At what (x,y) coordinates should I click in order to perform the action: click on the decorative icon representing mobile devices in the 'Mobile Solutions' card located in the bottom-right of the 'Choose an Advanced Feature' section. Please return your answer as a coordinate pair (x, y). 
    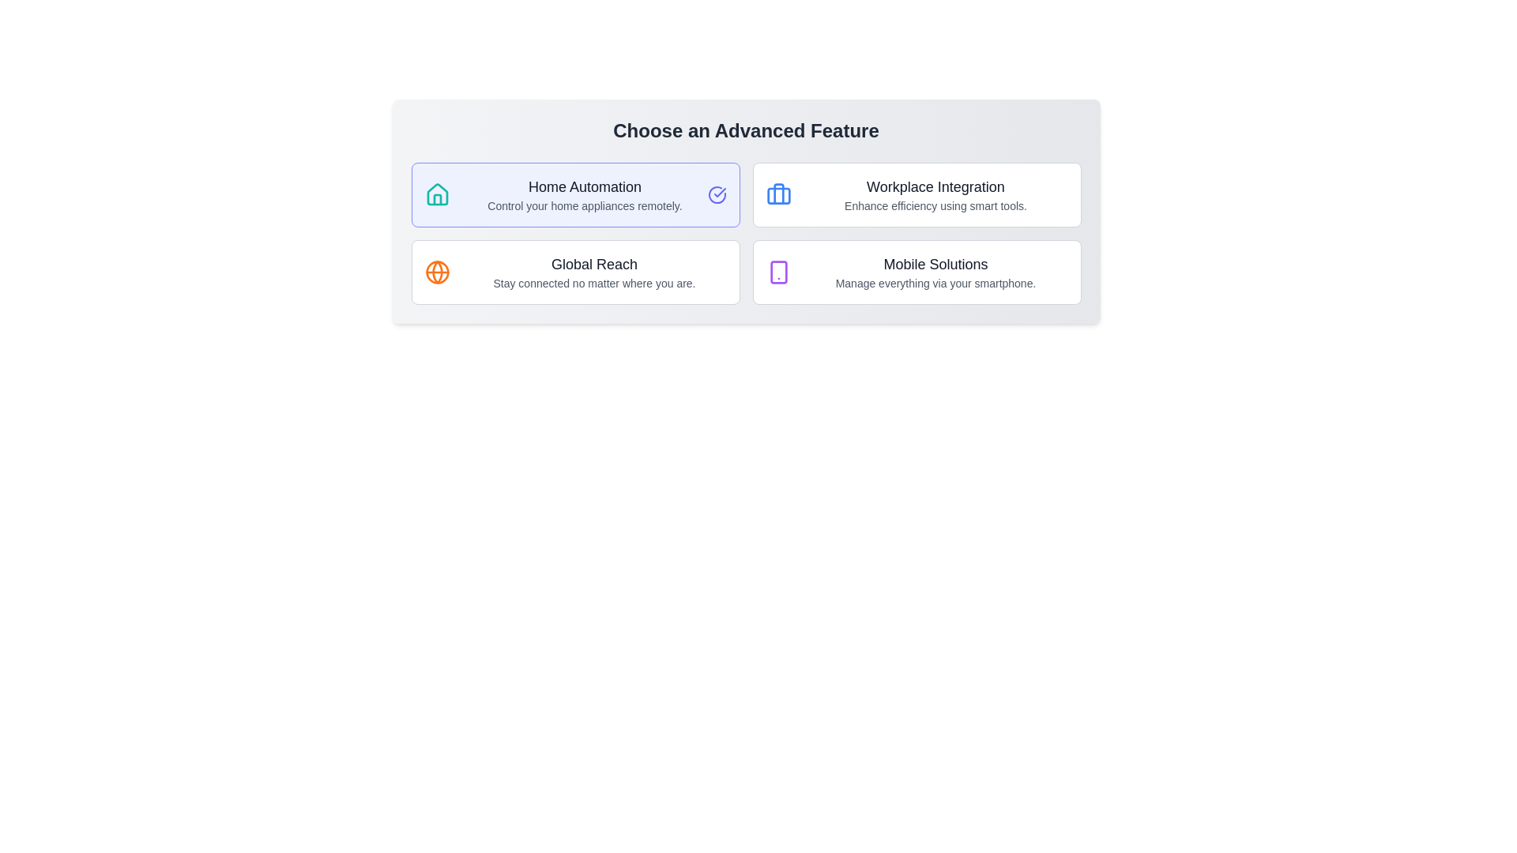
    Looking at the image, I should click on (778, 271).